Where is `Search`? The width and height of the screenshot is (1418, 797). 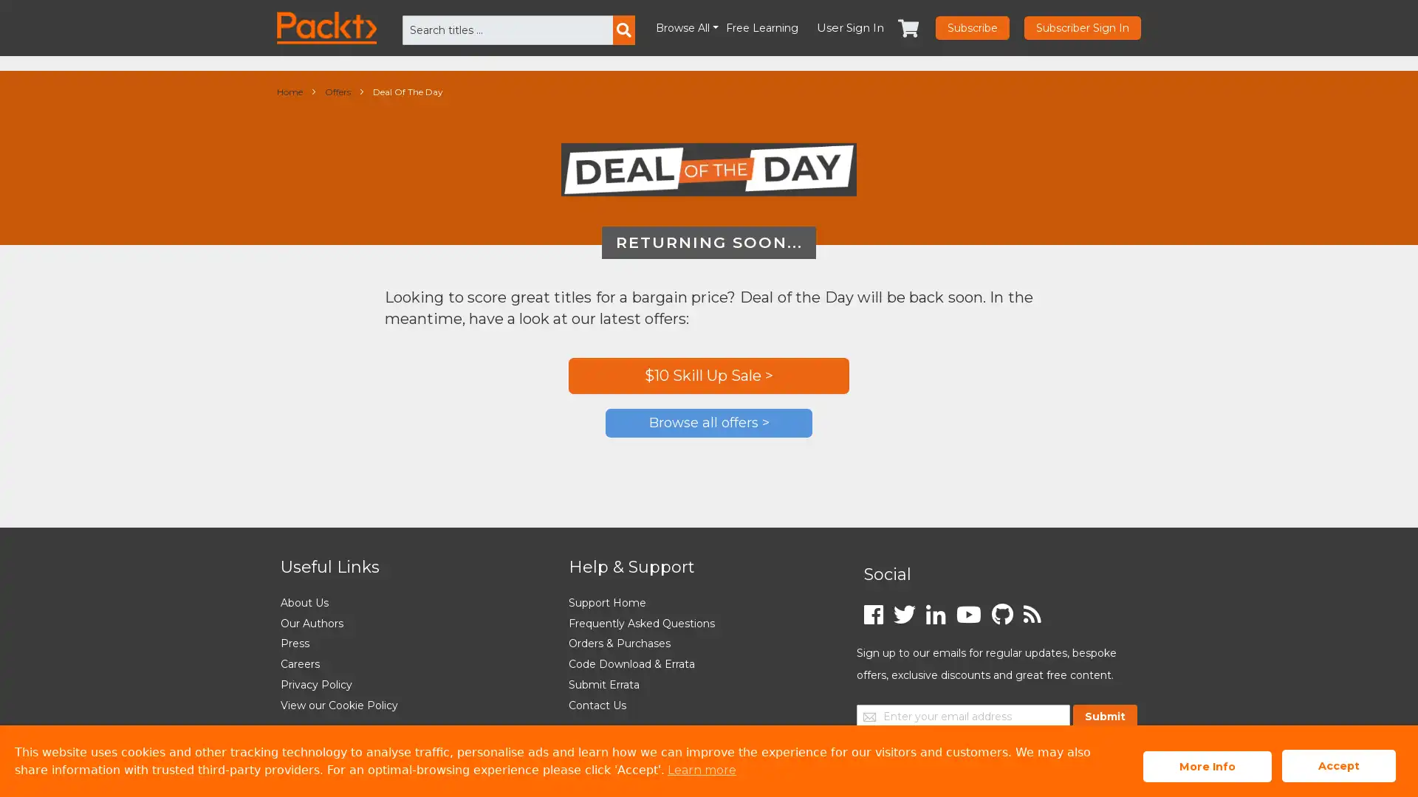
Search is located at coordinates (623, 30).